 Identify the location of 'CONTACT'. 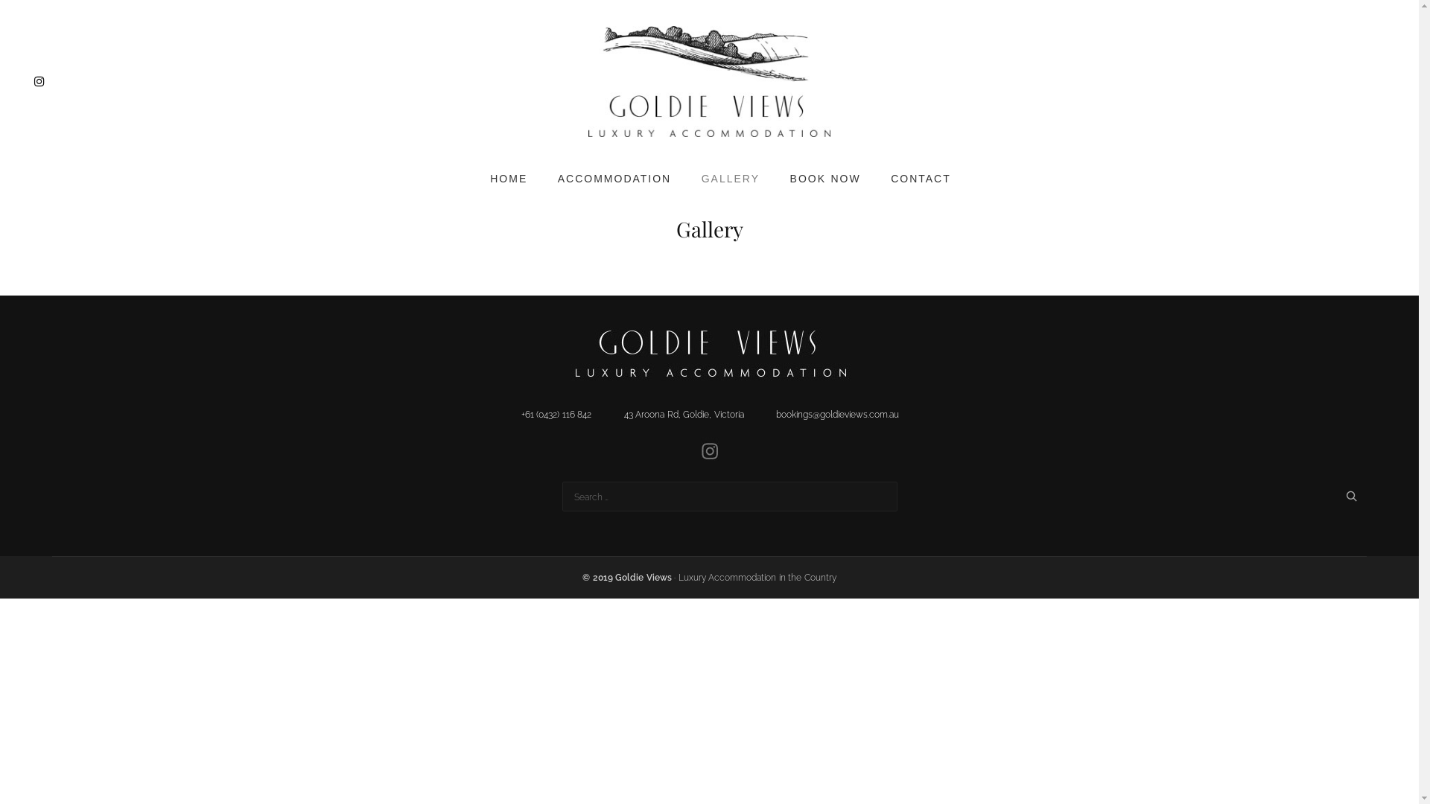
(876, 177).